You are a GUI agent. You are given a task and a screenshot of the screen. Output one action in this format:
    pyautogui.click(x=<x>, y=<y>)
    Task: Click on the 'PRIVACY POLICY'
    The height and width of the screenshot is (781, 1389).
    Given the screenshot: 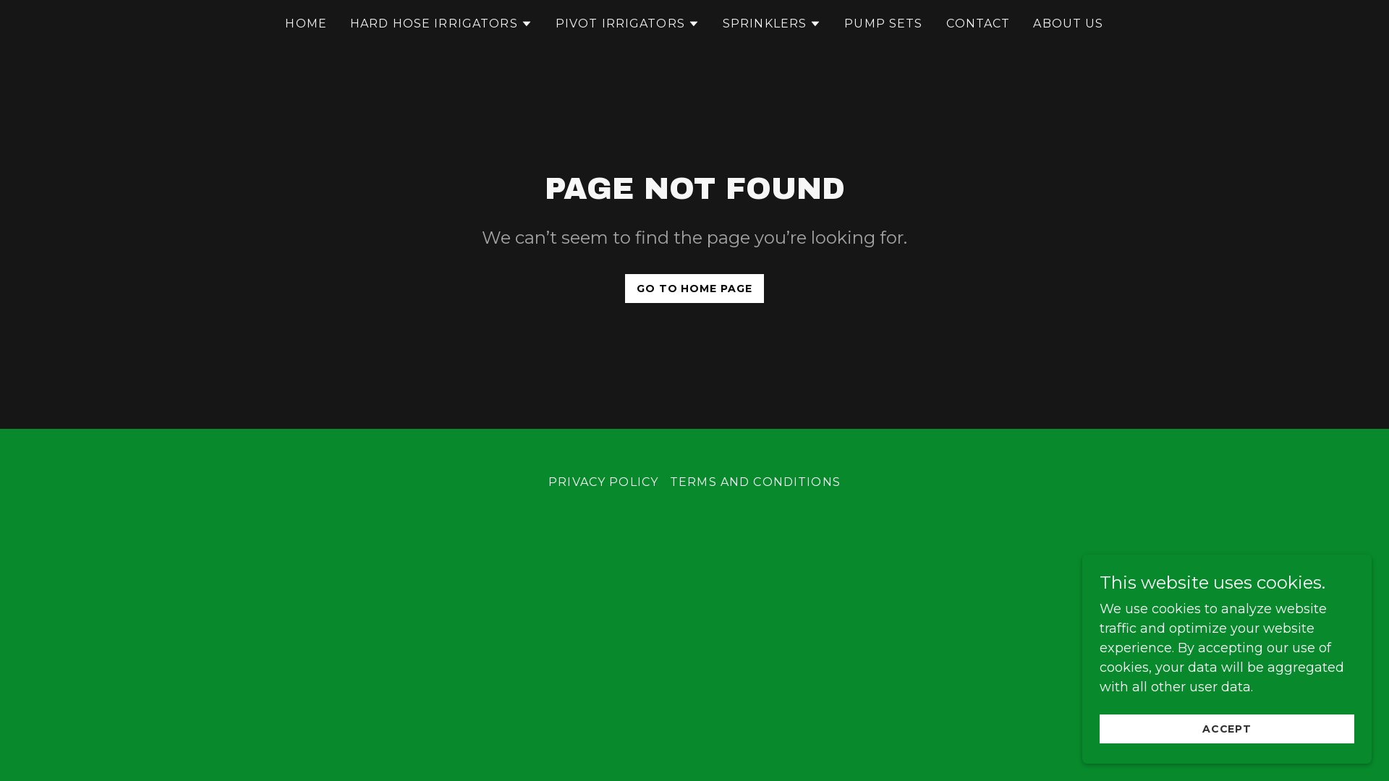 What is the action you would take?
    pyautogui.click(x=603, y=482)
    